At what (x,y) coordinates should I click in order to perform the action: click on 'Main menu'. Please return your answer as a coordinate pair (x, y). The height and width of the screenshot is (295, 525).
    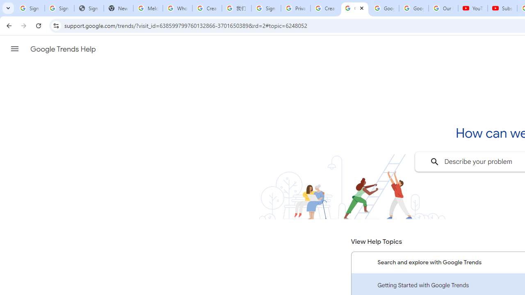
    Looking at the image, I should click on (14, 49).